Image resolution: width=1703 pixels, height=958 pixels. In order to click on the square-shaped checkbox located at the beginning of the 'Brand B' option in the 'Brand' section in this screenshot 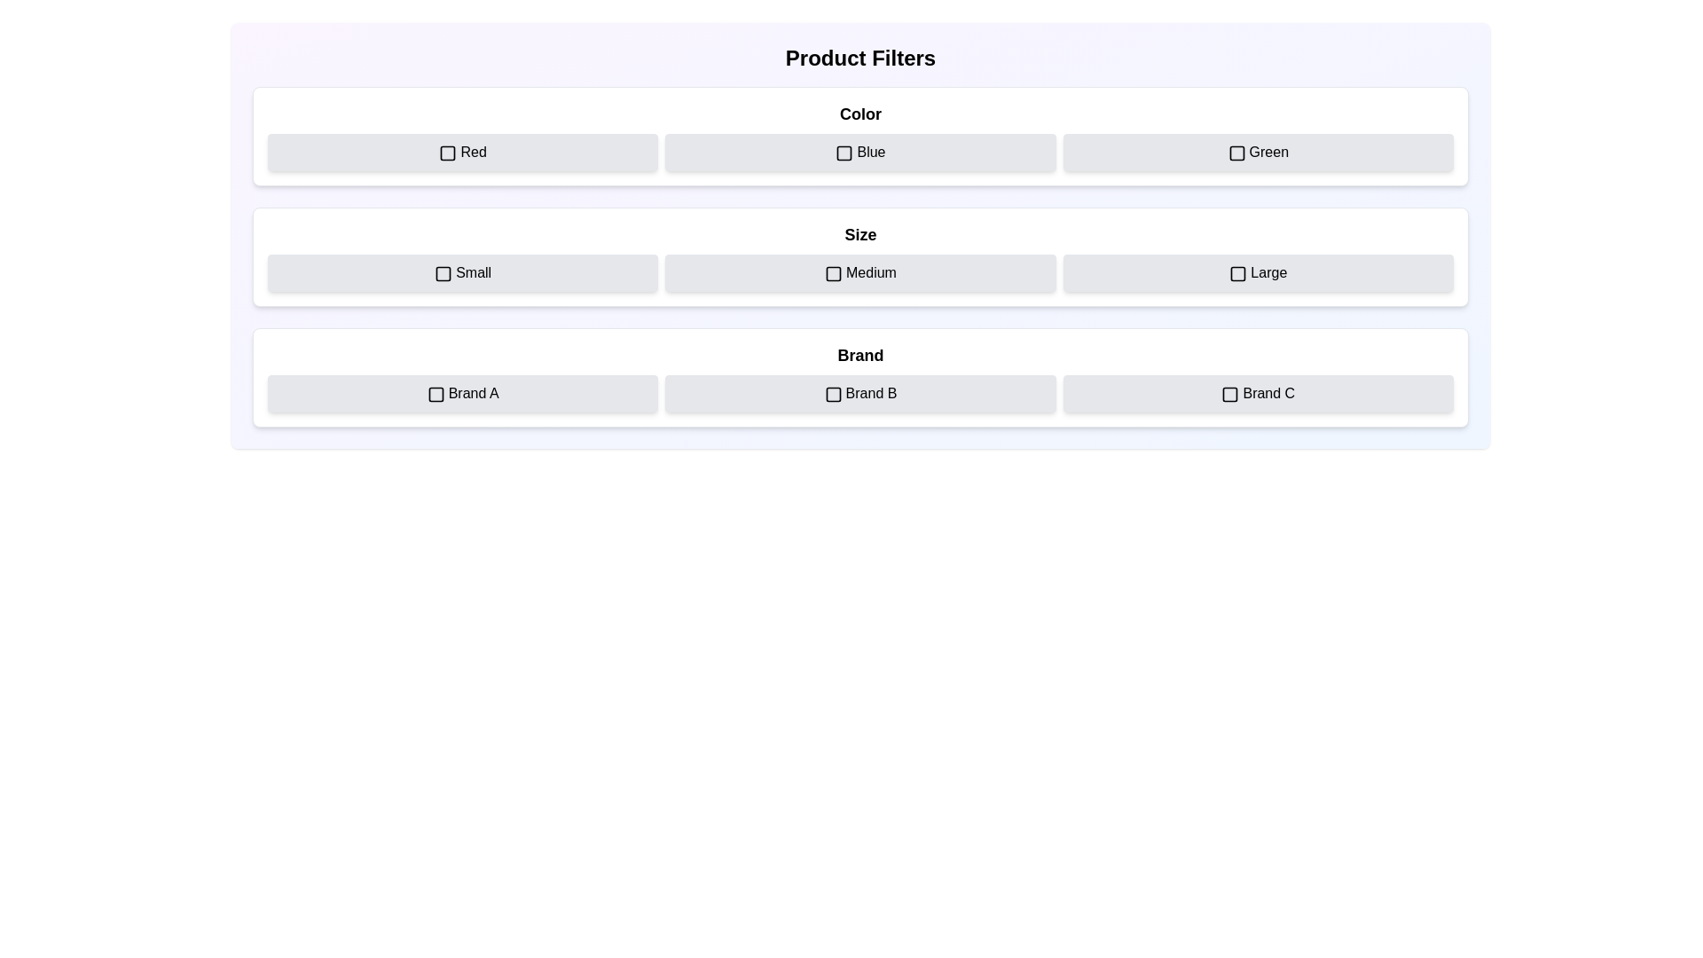, I will do `click(832, 393)`.